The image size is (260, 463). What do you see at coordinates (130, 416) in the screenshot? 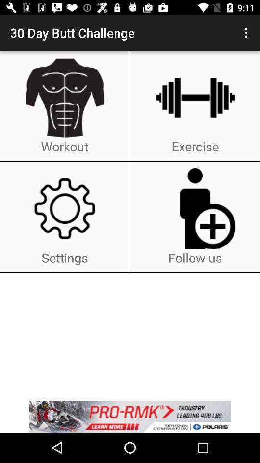
I see `advertisement` at bounding box center [130, 416].